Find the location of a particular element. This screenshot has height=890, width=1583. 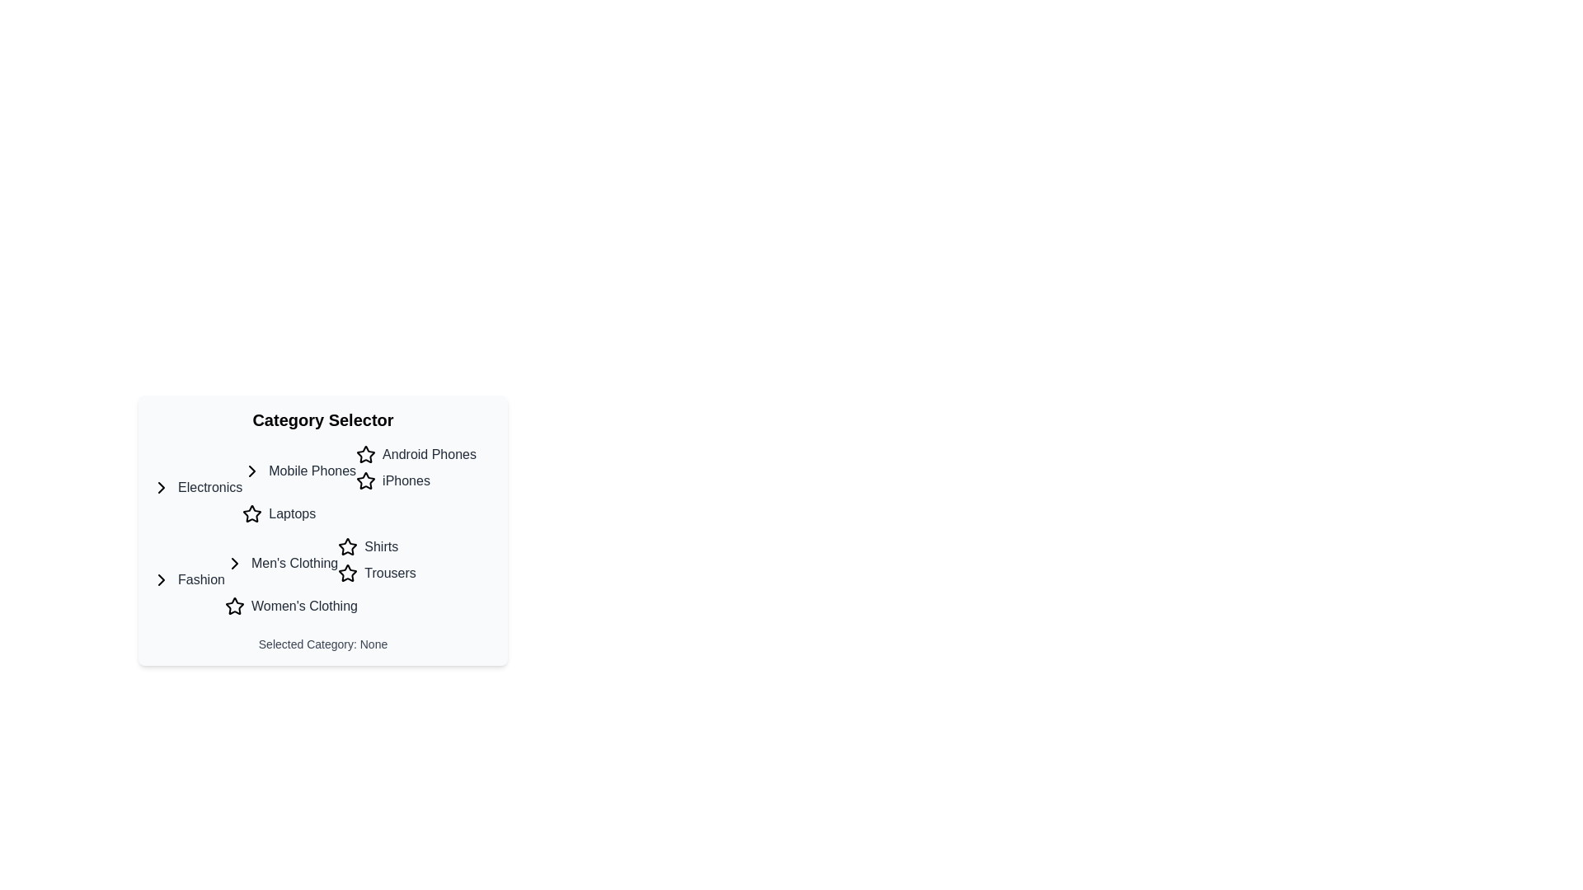

the star icon with a hollow center, outlined in black, next to the 'Trousers' label is located at coordinates (347, 571).